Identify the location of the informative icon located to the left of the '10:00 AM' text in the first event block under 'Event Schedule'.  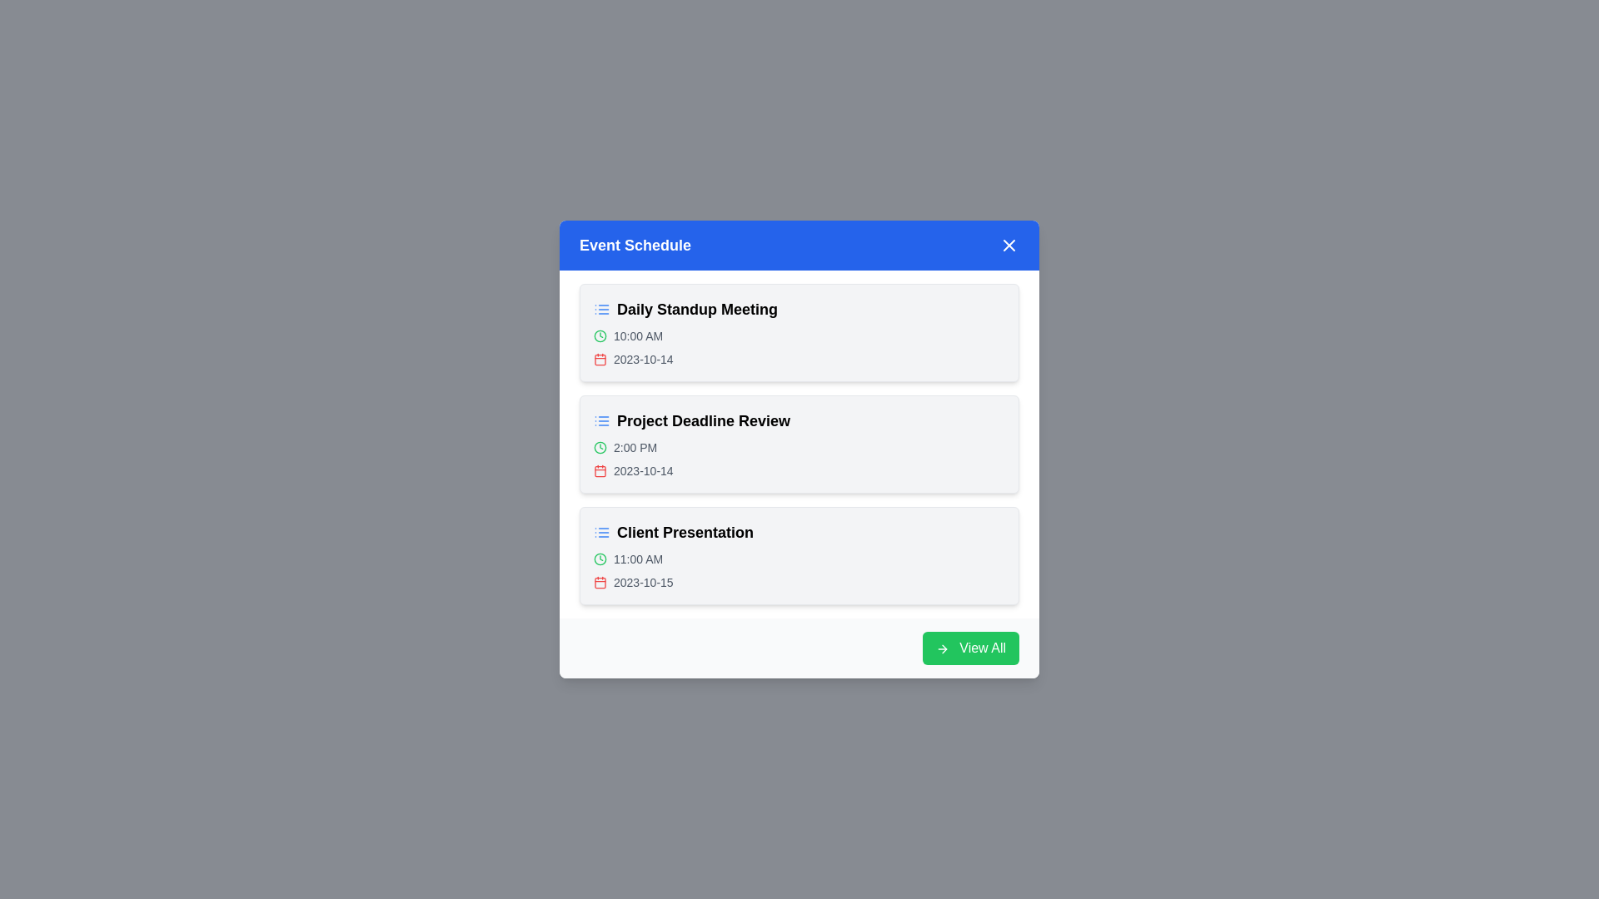
(600, 336).